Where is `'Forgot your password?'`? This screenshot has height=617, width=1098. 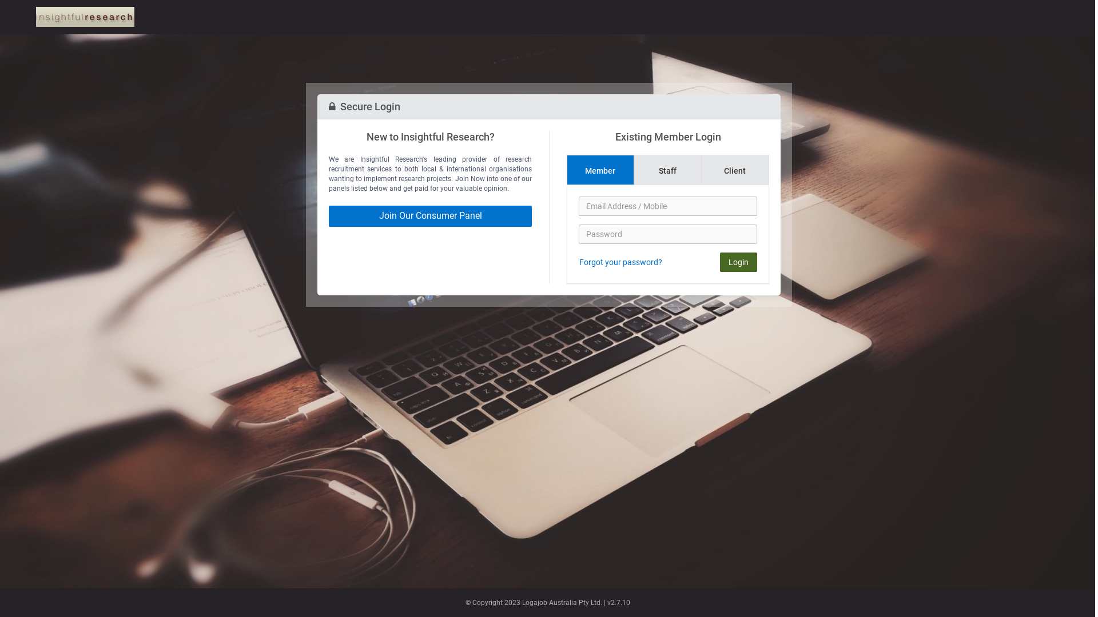
'Forgot your password?' is located at coordinates (579, 262).